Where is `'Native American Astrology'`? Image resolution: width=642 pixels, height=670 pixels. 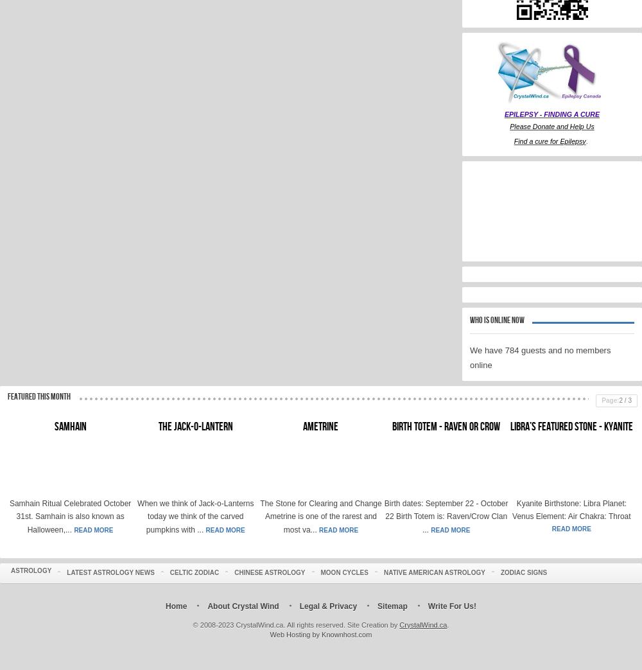 'Native American Astrology' is located at coordinates (434, 572).